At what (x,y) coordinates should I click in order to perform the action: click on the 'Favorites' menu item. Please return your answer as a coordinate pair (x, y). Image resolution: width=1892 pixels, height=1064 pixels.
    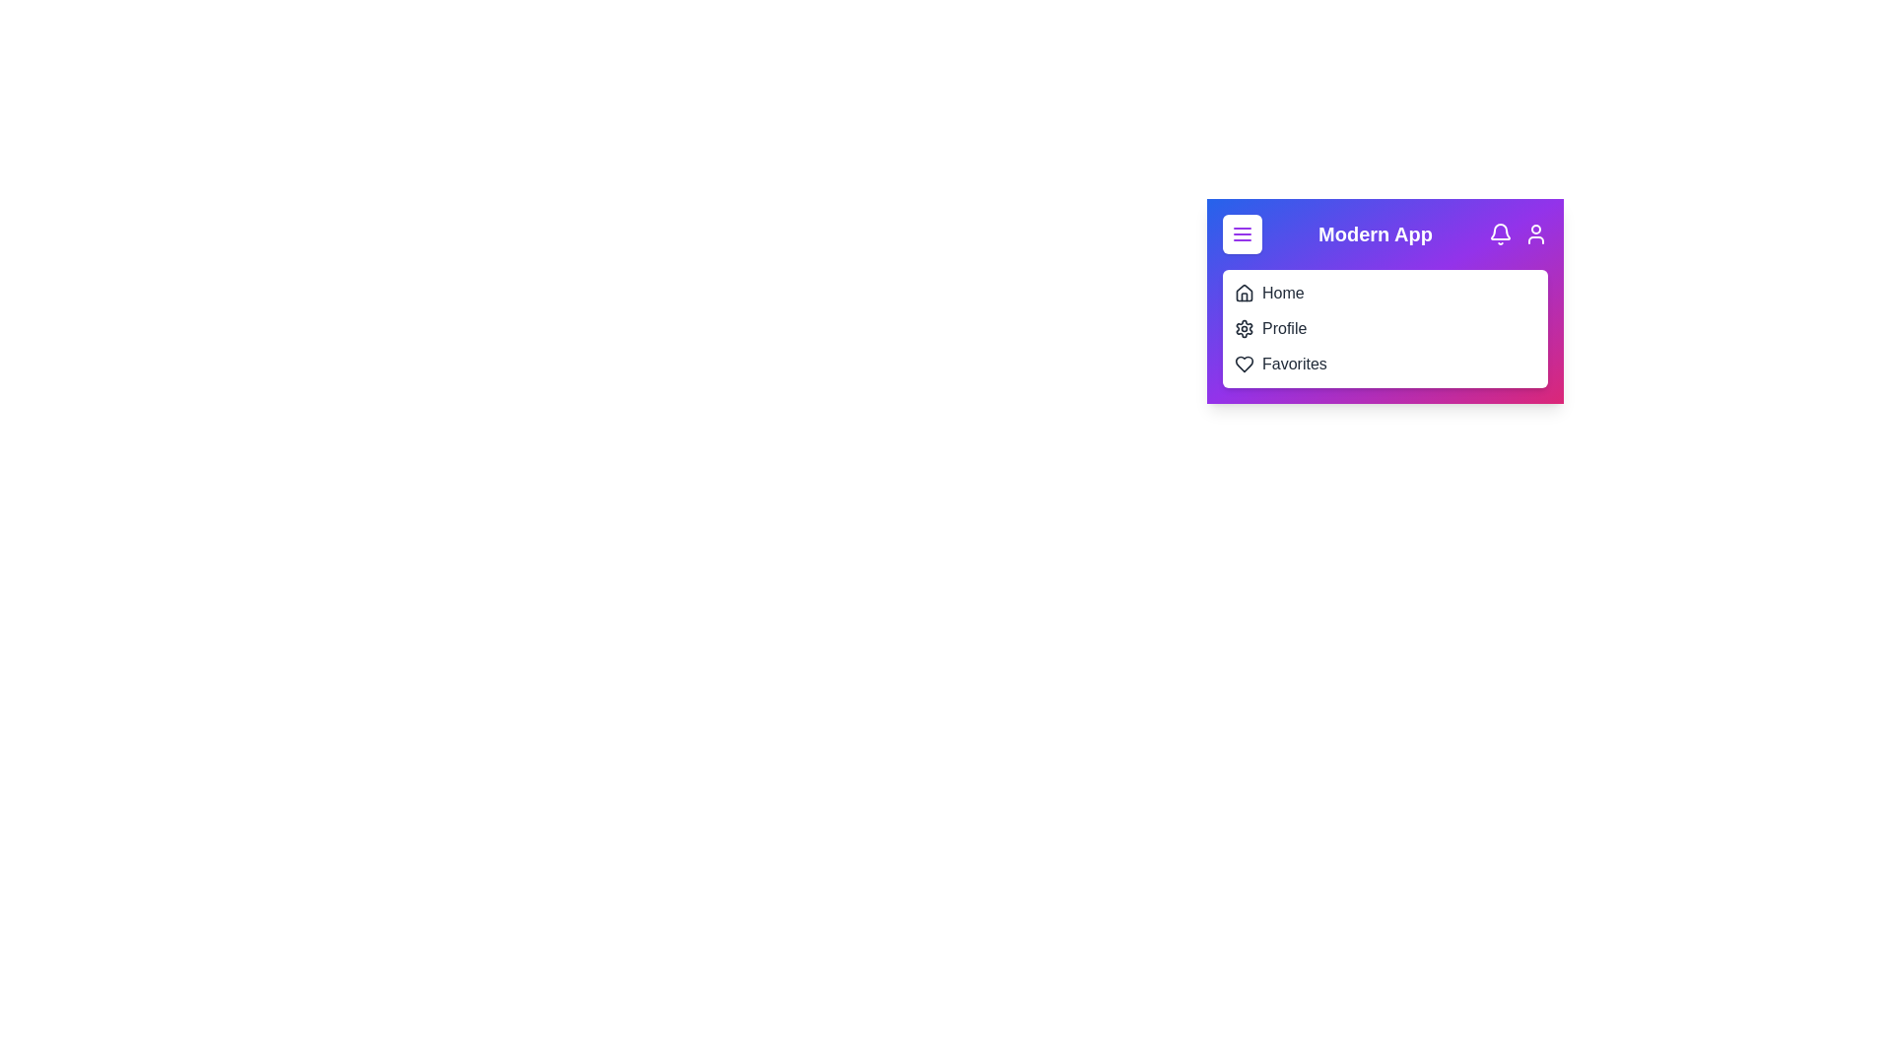
    Looking at the image, I should click on (1385, 365).